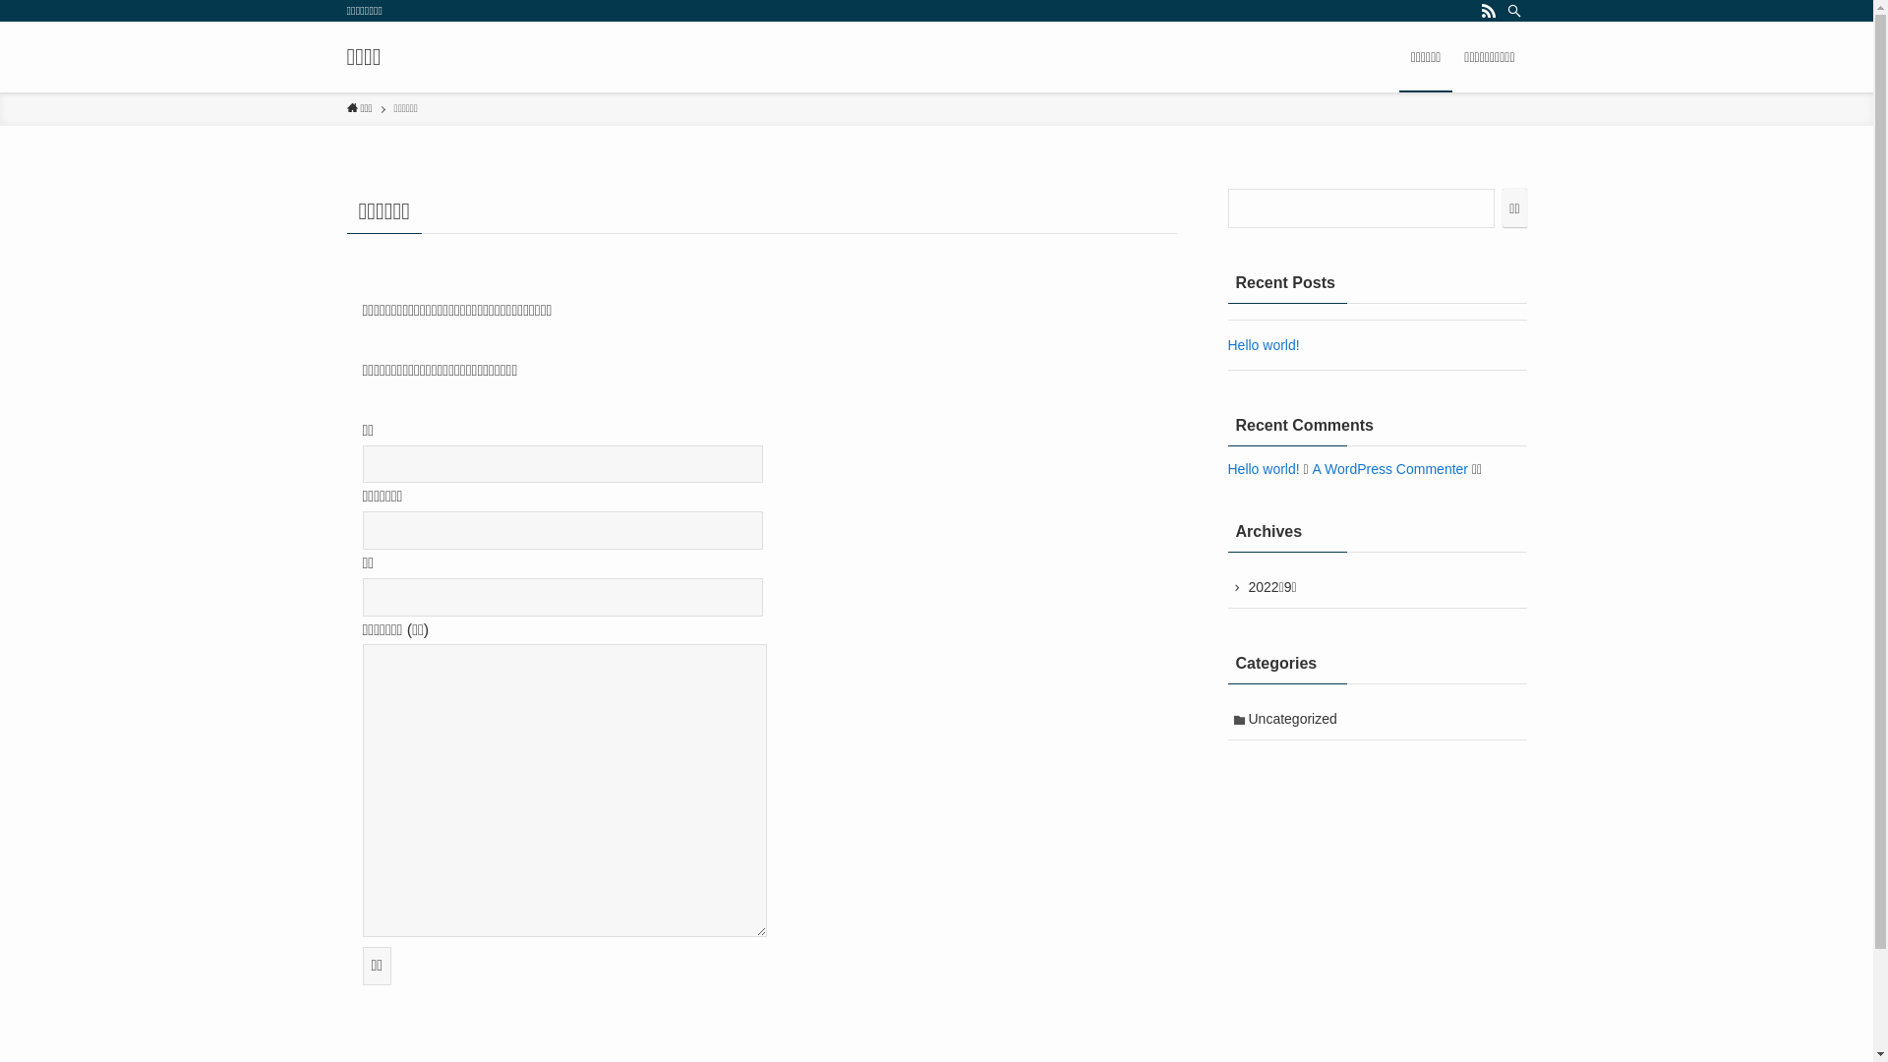  What do you see at coordinates (1263, 469) in the screenshot?
I see `'Hello world!'` at bounding box center [1263, 469].